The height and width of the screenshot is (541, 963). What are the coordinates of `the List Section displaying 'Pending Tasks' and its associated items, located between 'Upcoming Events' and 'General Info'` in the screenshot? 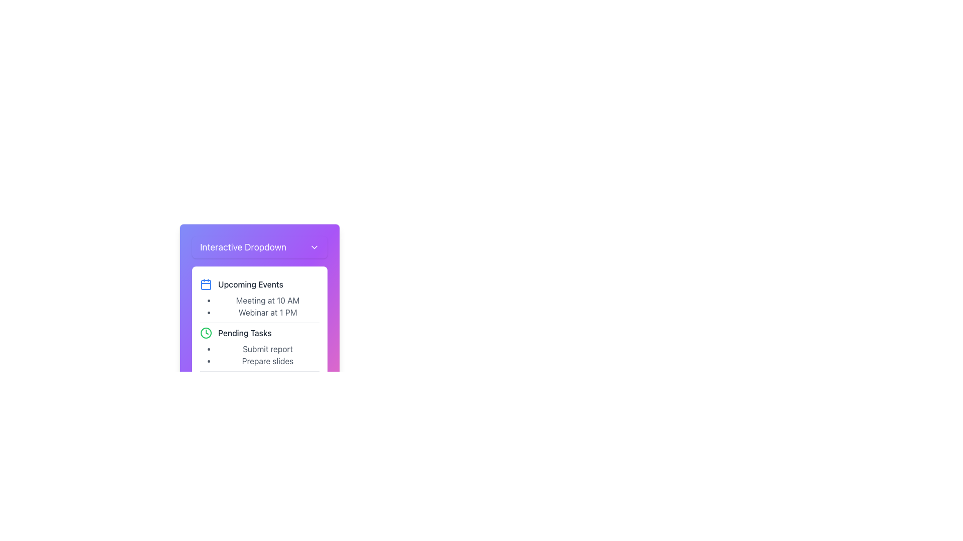 It's located at (260, 346).